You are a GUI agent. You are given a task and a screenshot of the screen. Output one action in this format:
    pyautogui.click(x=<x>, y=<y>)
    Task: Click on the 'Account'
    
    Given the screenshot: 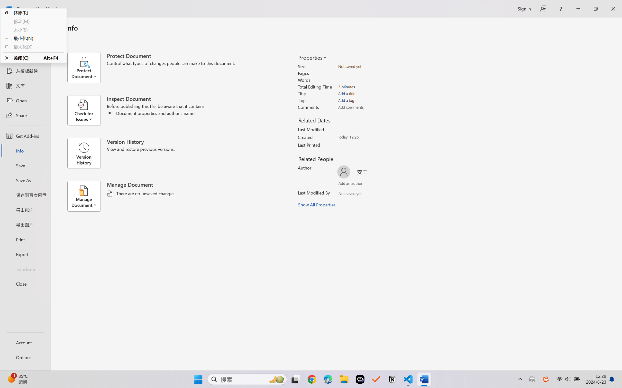 What is the action you would take?
    pyautogui.click(x=25, y=342)
    